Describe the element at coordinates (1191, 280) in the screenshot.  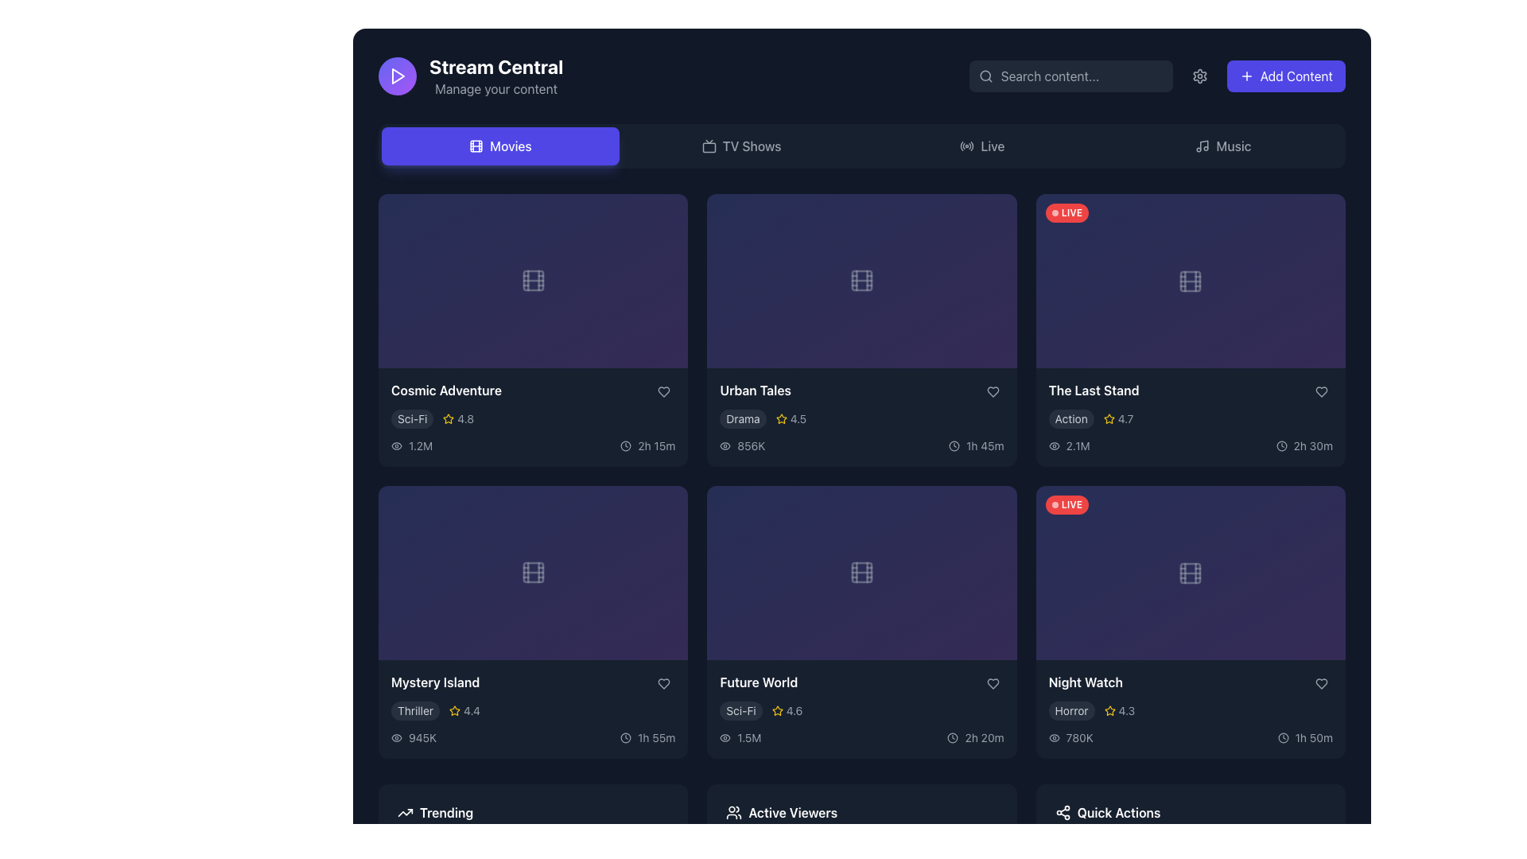
I see `the light-gray rounded rectangle in the top-right content card labeled 'The Last Stand' within the Movies section of the interface` at that location.